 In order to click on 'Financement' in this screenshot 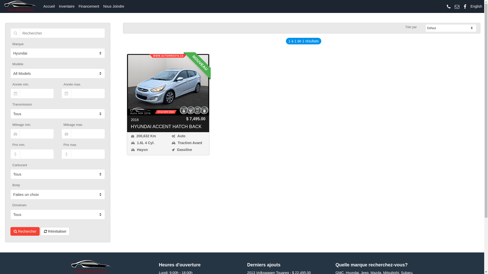, I will do `click(89, 6)`.